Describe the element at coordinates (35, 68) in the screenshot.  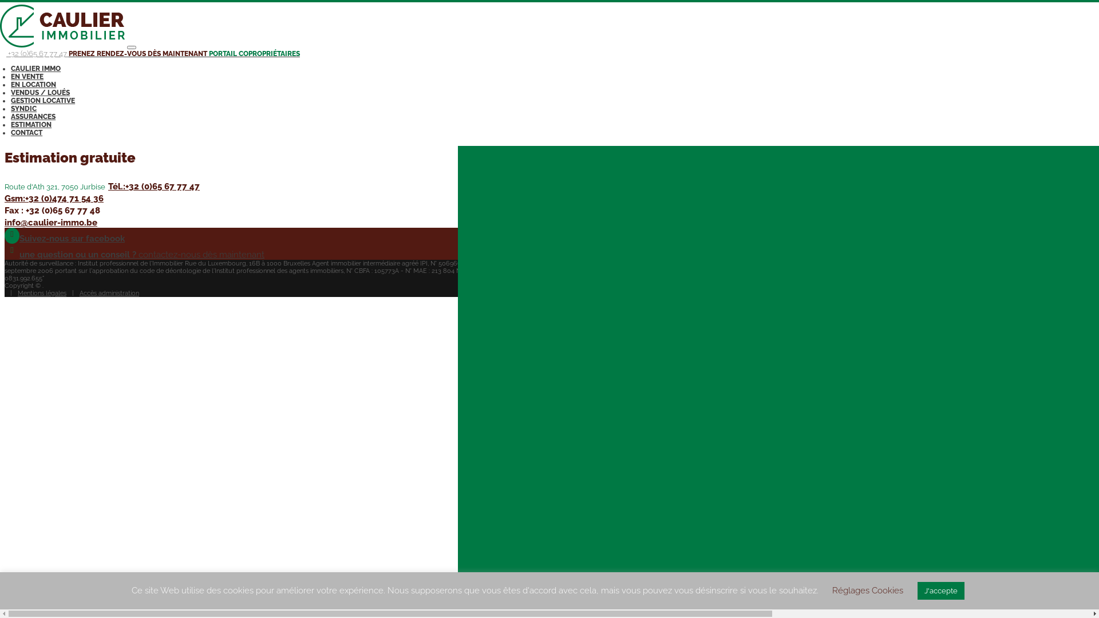
I see `'CAULIER IMMO'` at that location.